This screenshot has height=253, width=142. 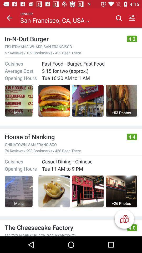 What do you see at coordinates (63, 38) in the screenshot?
I see `icon next to the 4.3 icon` at bounding box center [63, 38].